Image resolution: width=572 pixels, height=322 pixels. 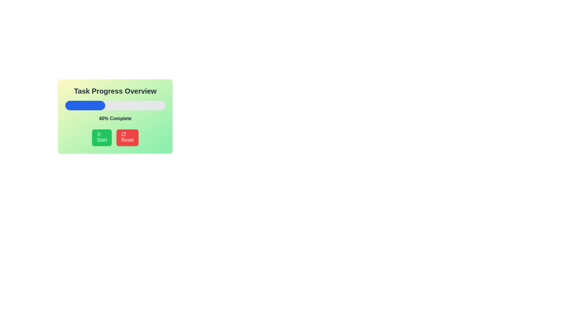 I want to click on the green 'Start' button with white text and a play icon on the left to initiate the process, so click(x=102, y=138).